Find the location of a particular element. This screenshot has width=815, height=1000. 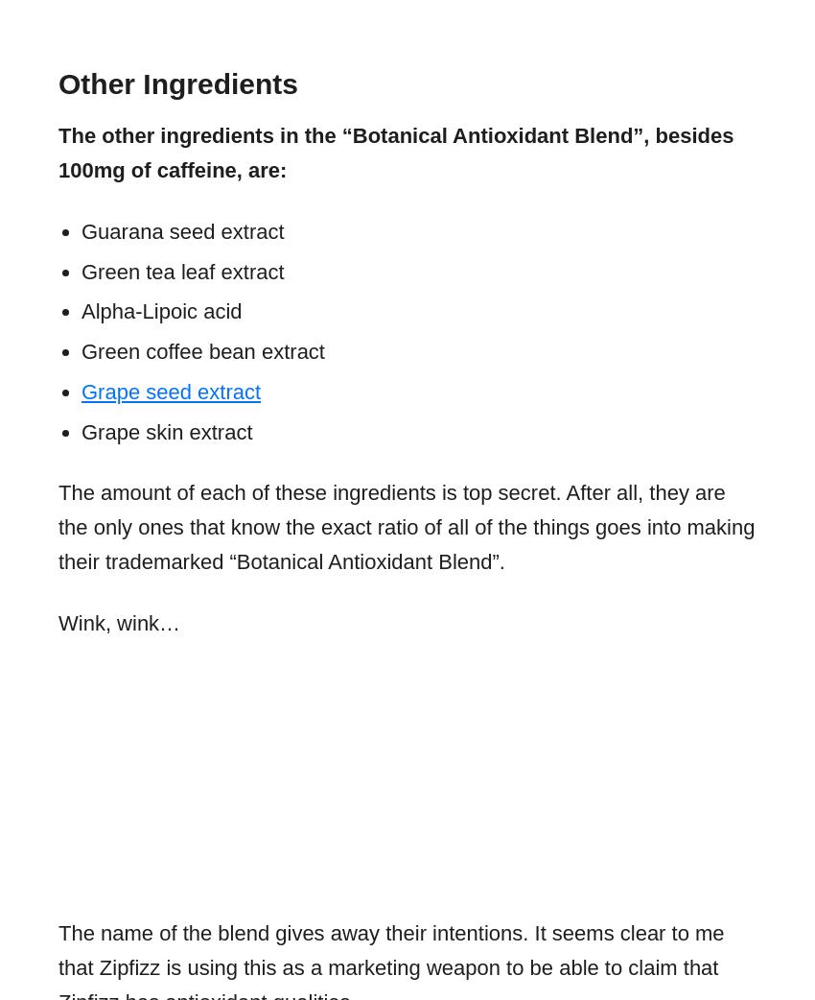

'Green coffee bean extract' is located at coordinates (201, 350).